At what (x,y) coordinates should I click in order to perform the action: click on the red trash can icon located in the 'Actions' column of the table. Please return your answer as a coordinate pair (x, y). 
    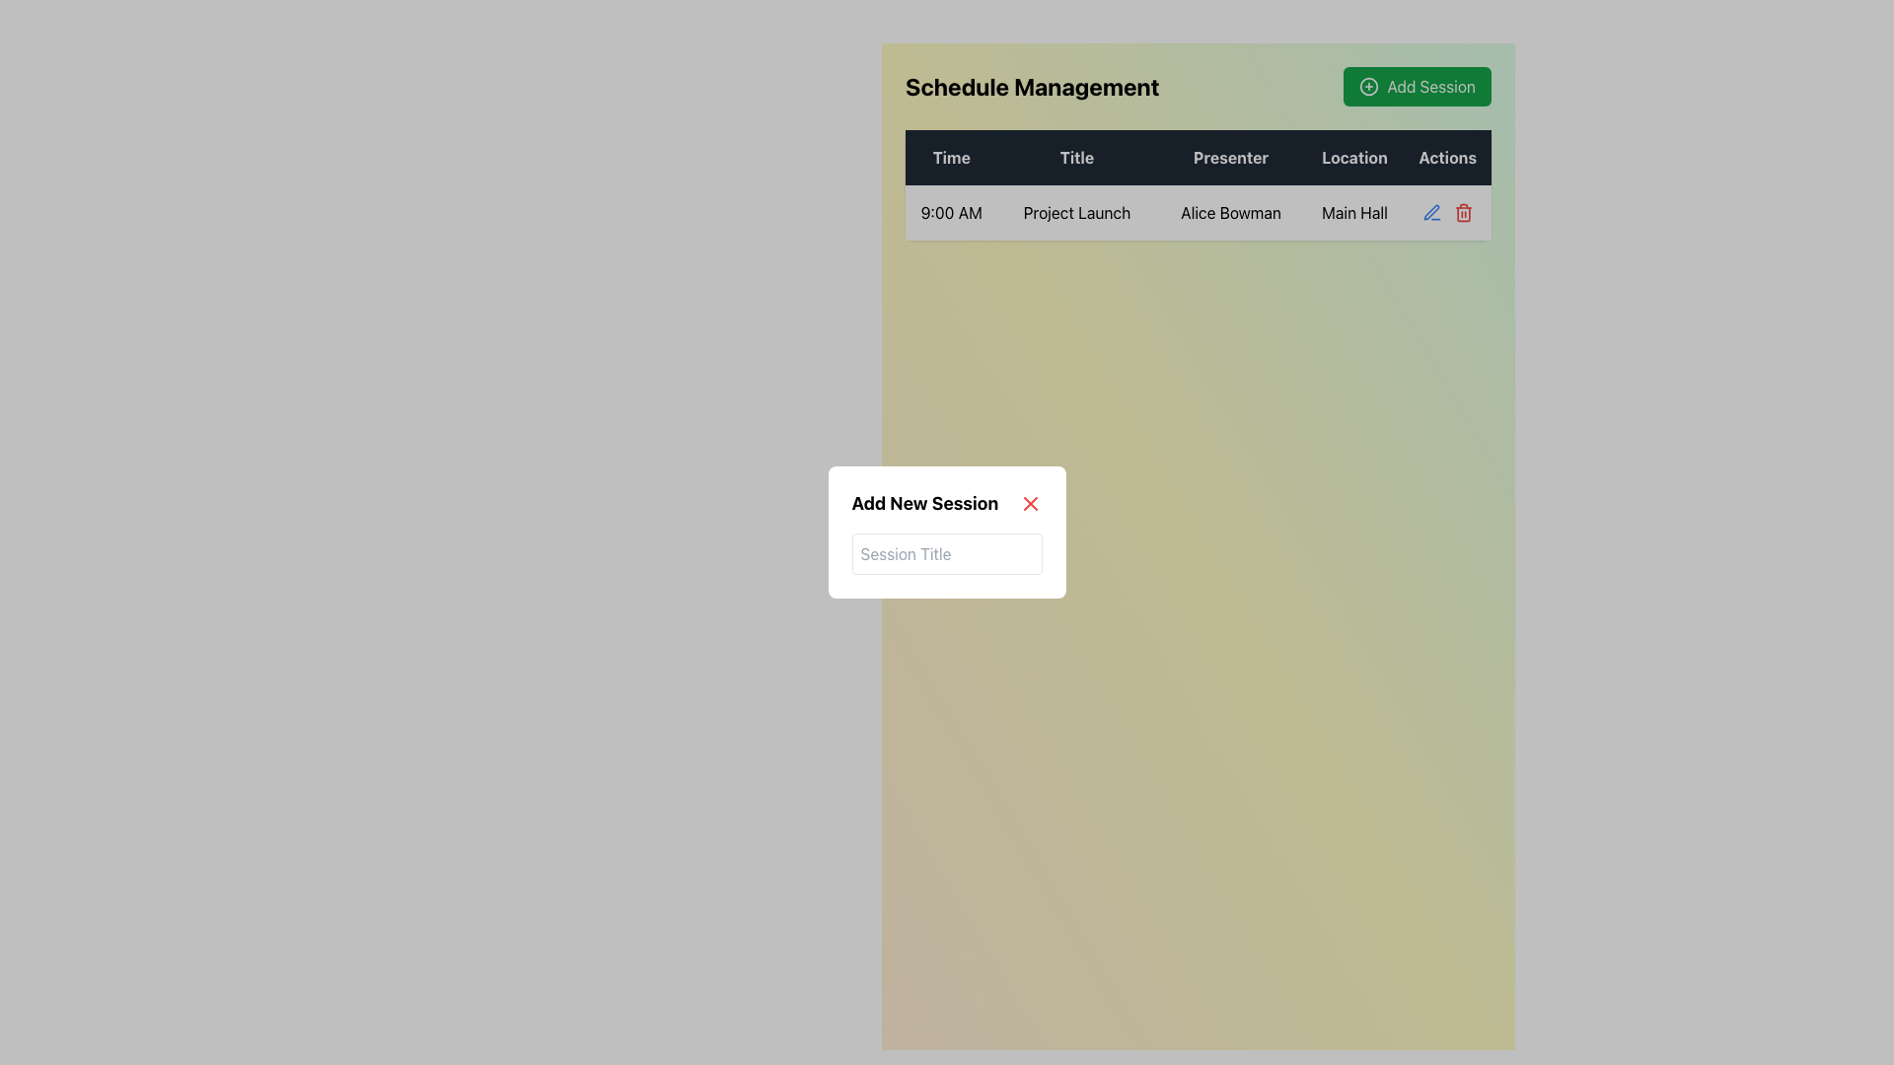
    Looking at the image, I should click on (1463, 214).